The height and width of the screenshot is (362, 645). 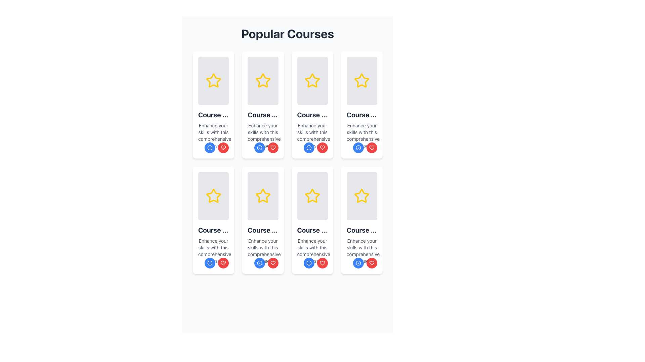 What do you see at coordinates (262, 220) in the screenshot?
I see `the course offering card located in the second row and second column of the grid layout` at bounding box center [262, 220].